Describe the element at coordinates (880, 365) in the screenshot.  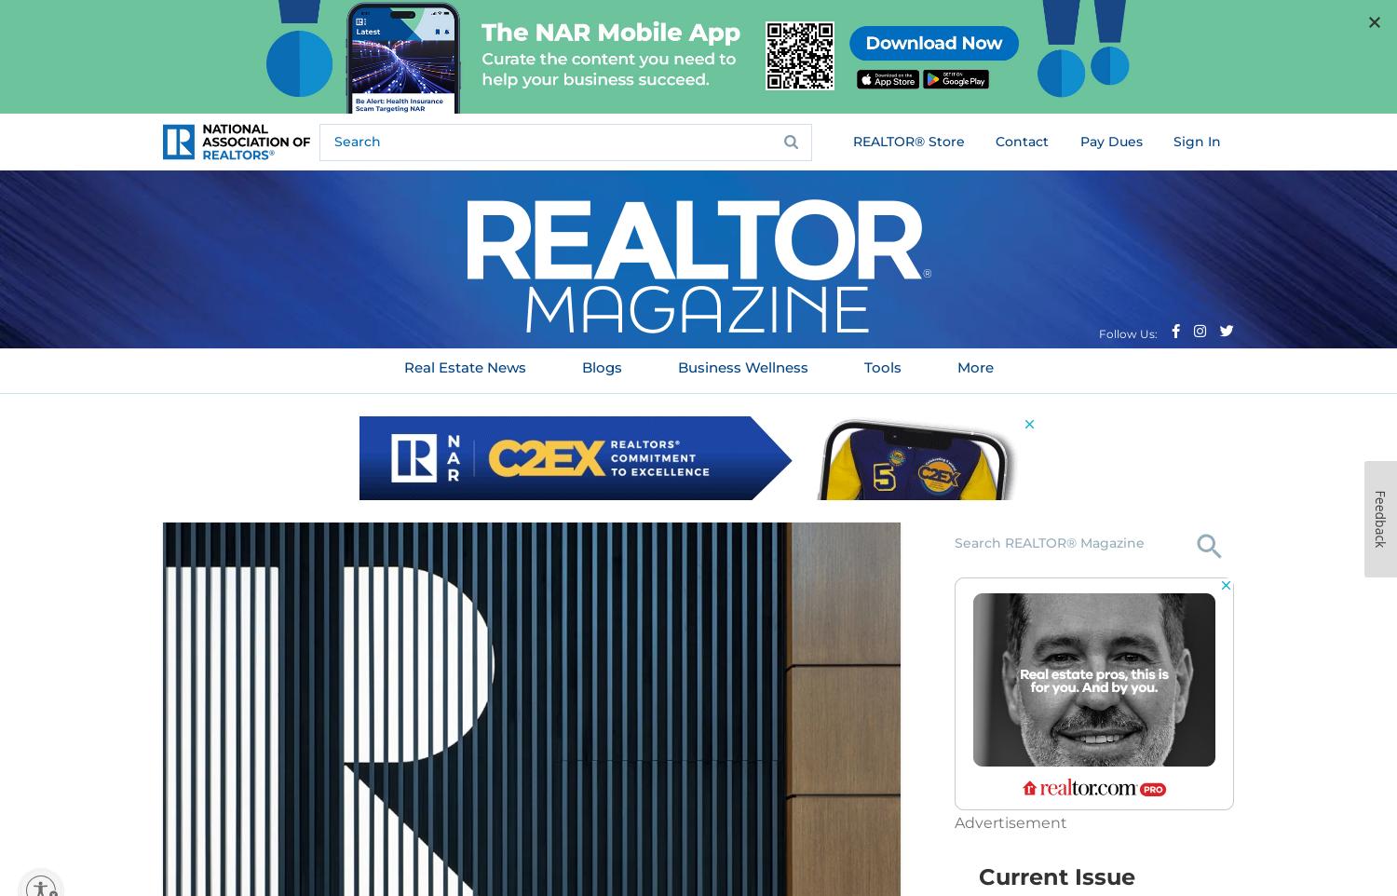
I see `'Tools'` at that location.